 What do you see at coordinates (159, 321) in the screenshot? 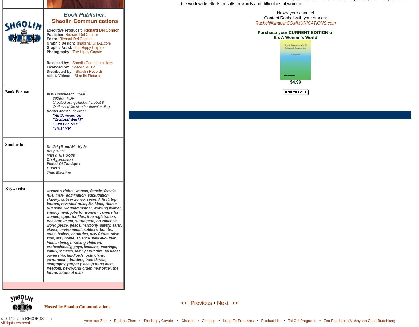
I see `'The Hippy Coyote'` at bounding box center [159, 321].